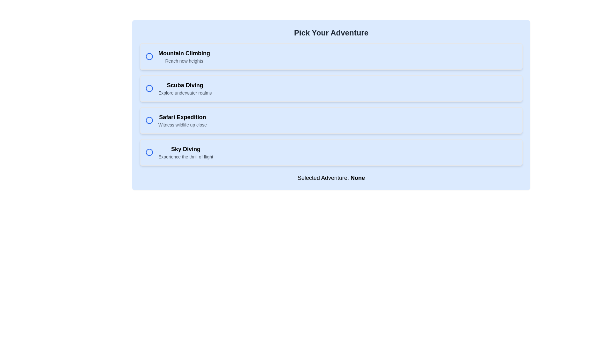 This screenshot has height=345, width=613. What do you see at coordinates (331, 178) in the screenshot?
I see `the label displaying 'Selected Adventure: None', which is styled with bold font weight and is located at the bottom of the 'Pick Your Adventure' card` at bounding box center [331, 178].